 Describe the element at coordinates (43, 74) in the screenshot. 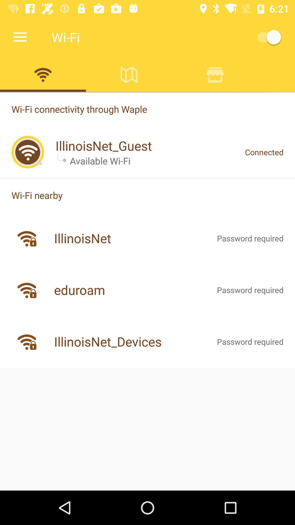

I see `wifi key` at that location.